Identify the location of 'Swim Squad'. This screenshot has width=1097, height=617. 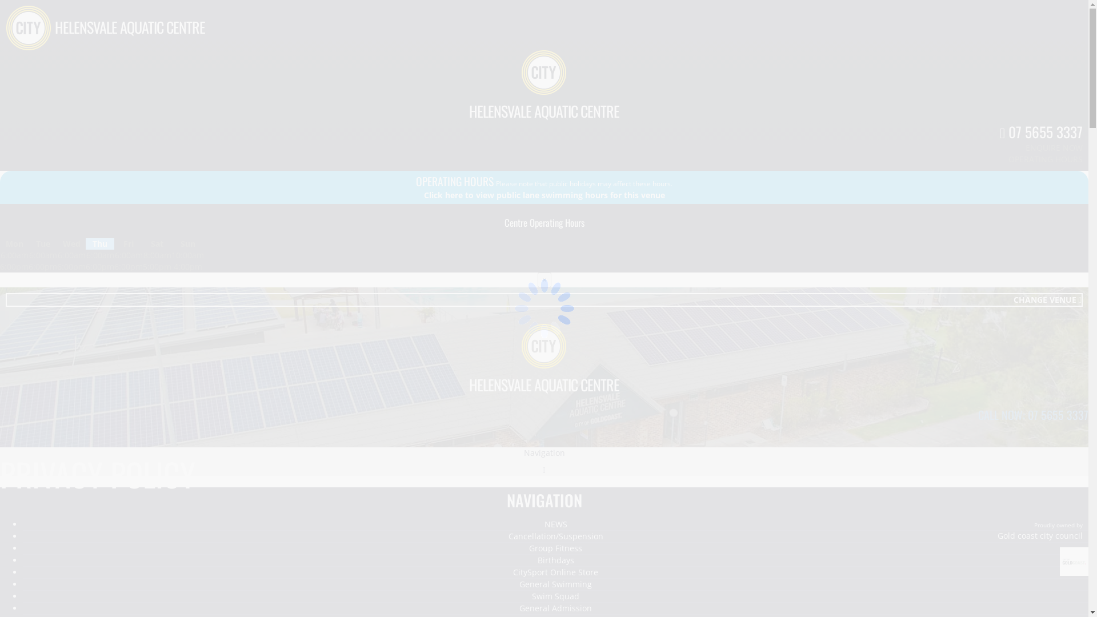
(555, 596).